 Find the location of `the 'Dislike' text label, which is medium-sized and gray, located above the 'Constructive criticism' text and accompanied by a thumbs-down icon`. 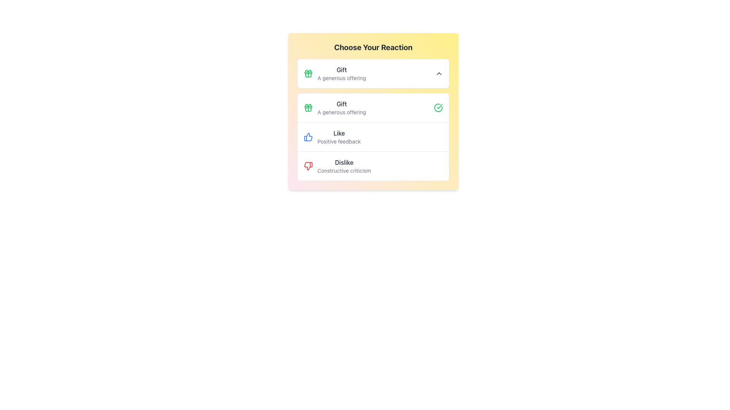

the 'Dislike' text label, which is medium-sized and gray, located above the 'Constructive criticism' text and accompanied by a thumbs-down icon is located at coordinates (344, 162).